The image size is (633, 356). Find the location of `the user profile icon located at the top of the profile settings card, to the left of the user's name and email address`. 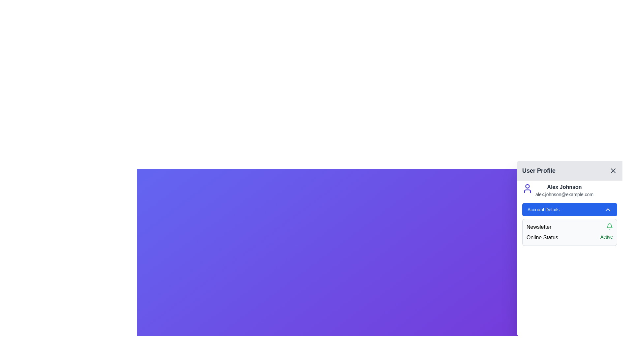

the user profile icon located at the top of the profile settings card, to the left of the user's name and email address is located at coordinates (527, 188).